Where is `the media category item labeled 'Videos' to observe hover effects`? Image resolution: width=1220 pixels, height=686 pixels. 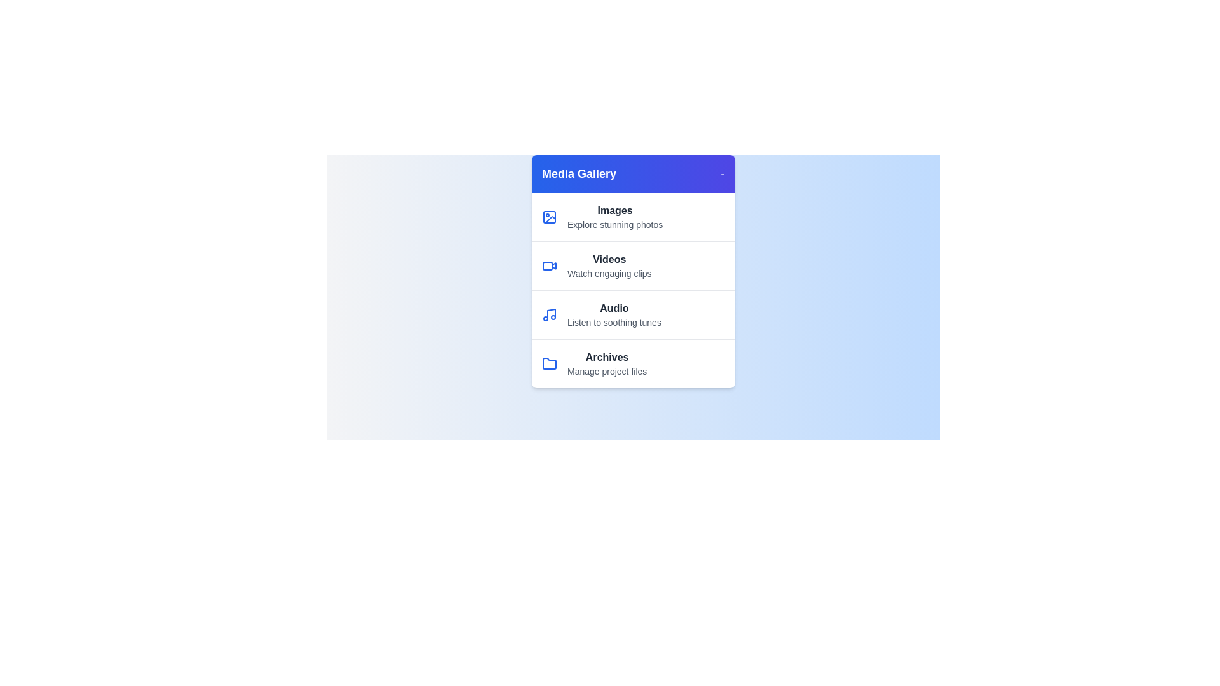 the media category item labeled 'Videos' to observe hover effects is located at coordinates (634, 265).